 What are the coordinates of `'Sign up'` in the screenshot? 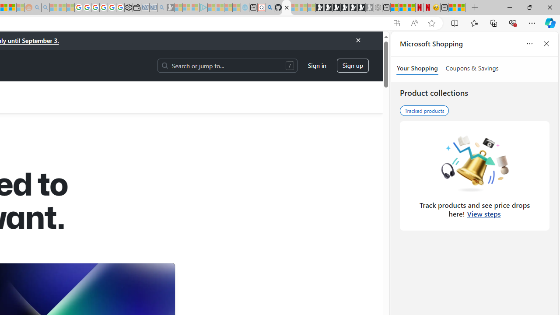 It's located at (353, 65).